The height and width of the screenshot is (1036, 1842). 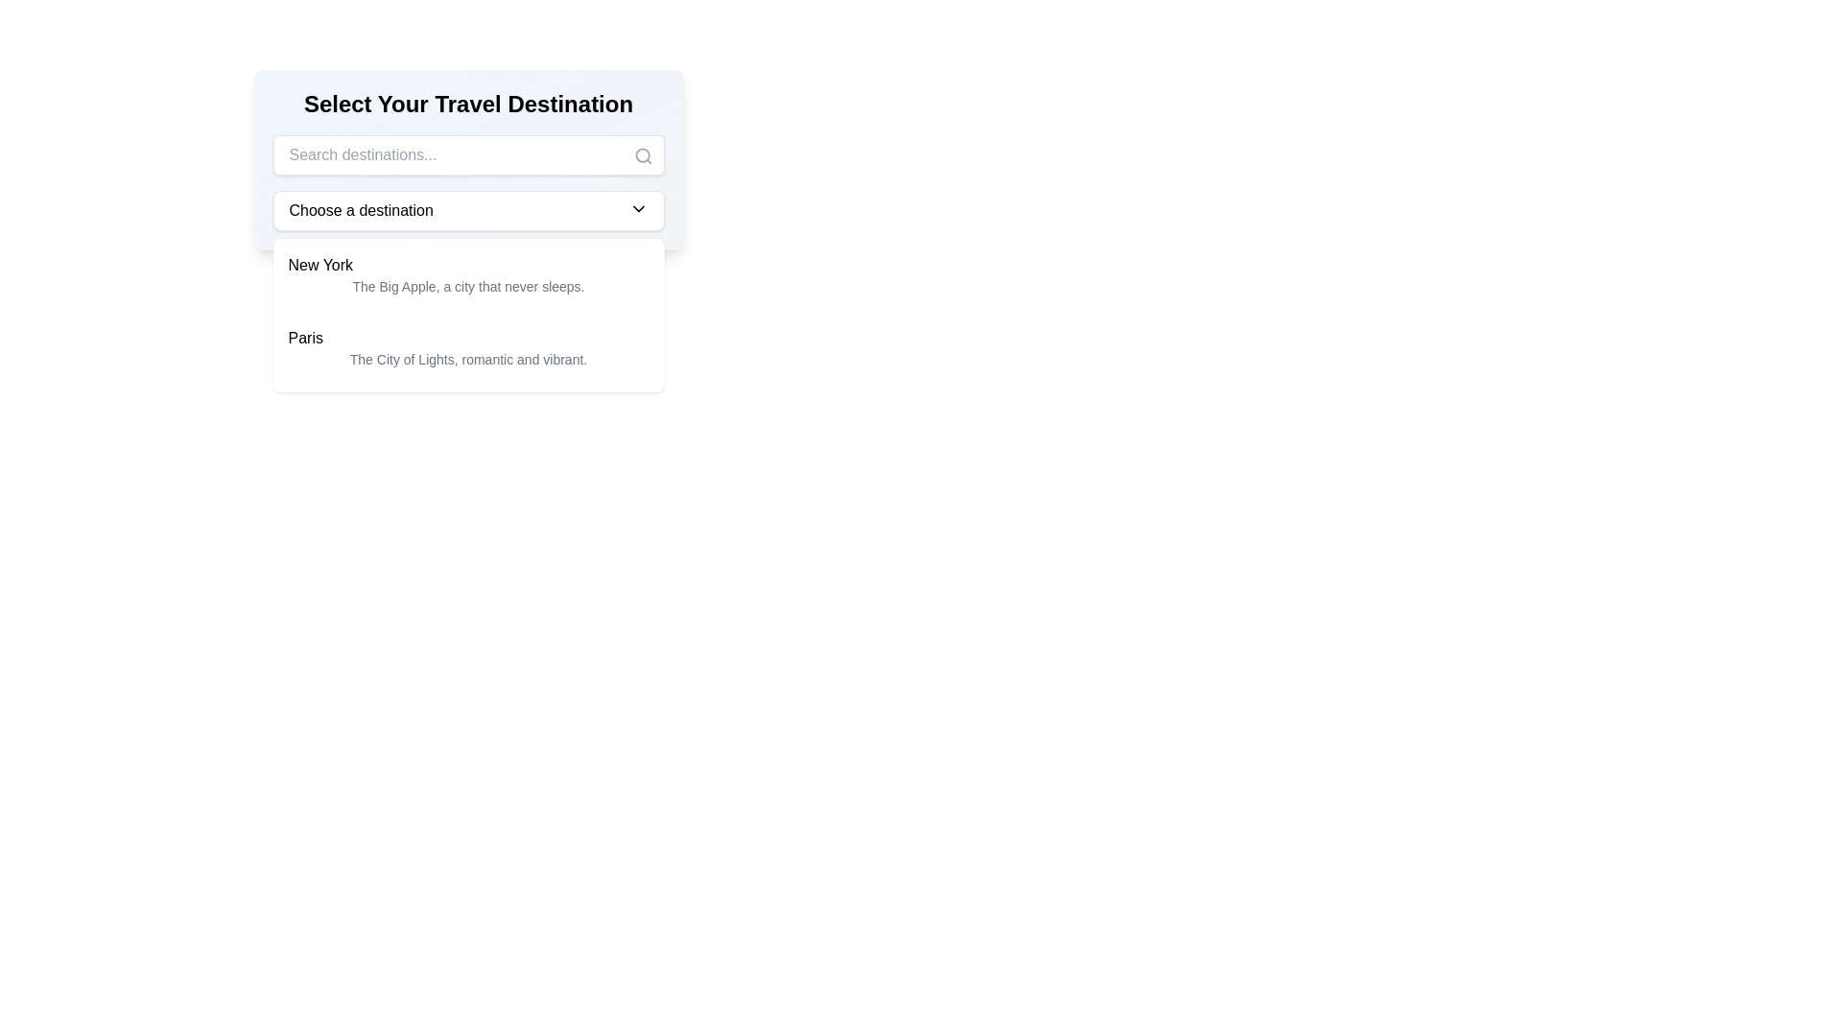 I want to click on text block representing the city 'New York' within the selectable list item located beneath the 'Choose a destination' dropdown, so click(x=468, y=274).